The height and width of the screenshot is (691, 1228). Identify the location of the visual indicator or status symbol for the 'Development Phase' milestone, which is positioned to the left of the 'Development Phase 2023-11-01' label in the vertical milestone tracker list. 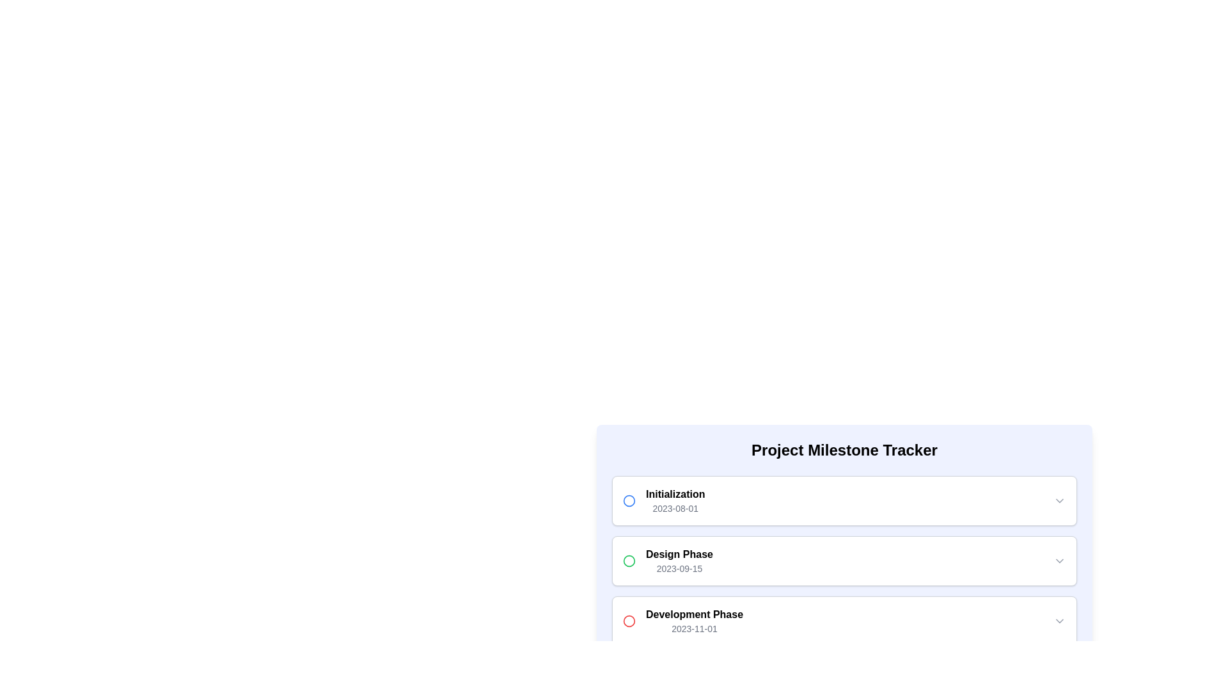
(629, 621).